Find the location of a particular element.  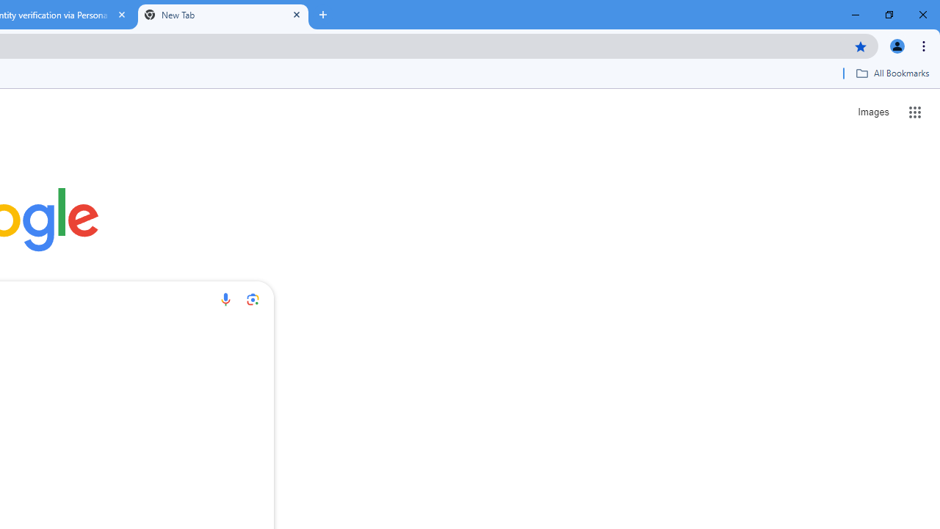

'New Tab' is located at coordinates (223, 15).